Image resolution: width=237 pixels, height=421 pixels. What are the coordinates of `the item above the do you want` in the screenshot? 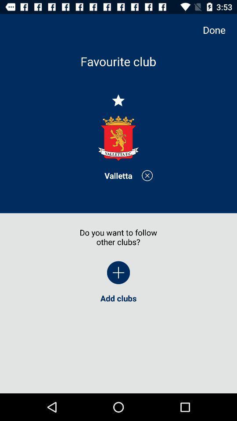 It's located at (118, 175).